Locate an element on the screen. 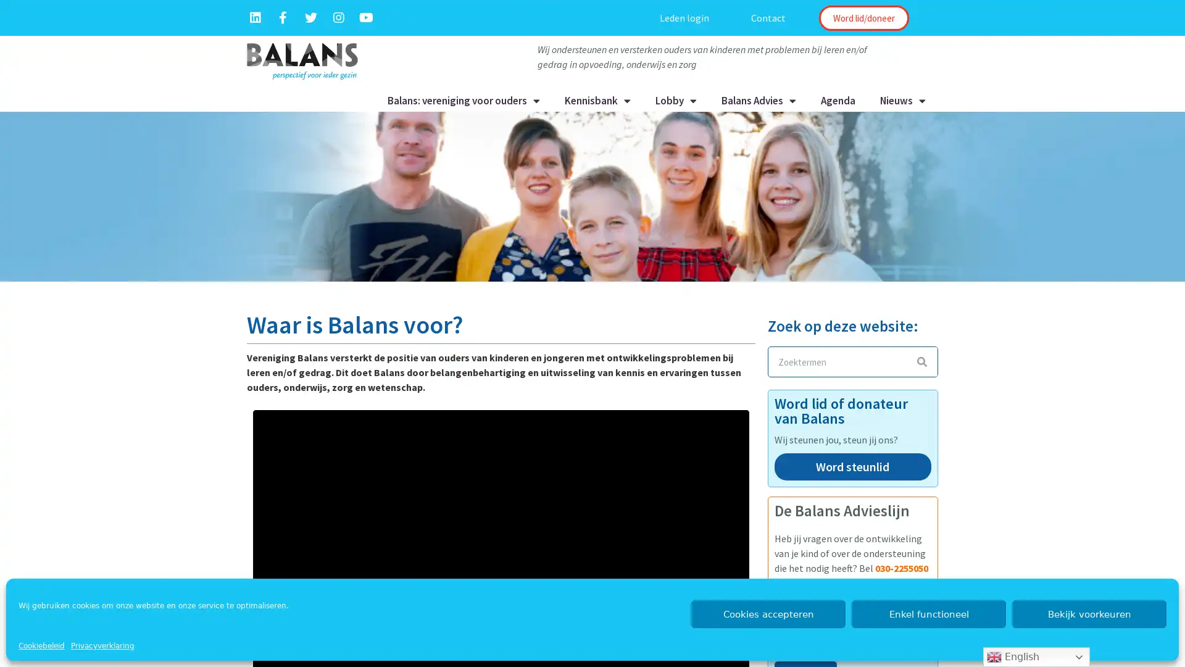 The height and width of the screenshot is (667, 1185). Become a support member is located at coordinates (852, 472).